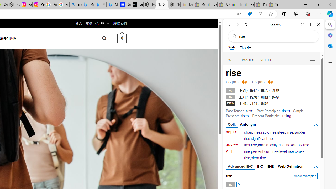 The image size is (336, 189). What do you see at coordinates (235, 4) in the screenshot?
I see `'Threats and offensive language policy | eBay'` at bounding box center [235, 4].